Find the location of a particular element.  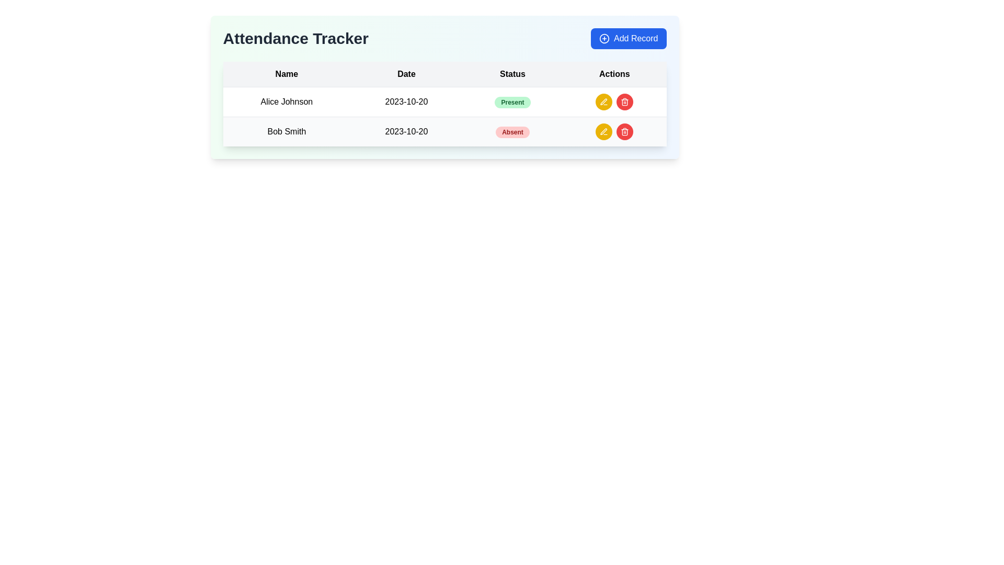

the 'Actions' text label which is the fourth cell in the header row of the table, displayed in bold black font on a light background is located at coordinates (614, 74).